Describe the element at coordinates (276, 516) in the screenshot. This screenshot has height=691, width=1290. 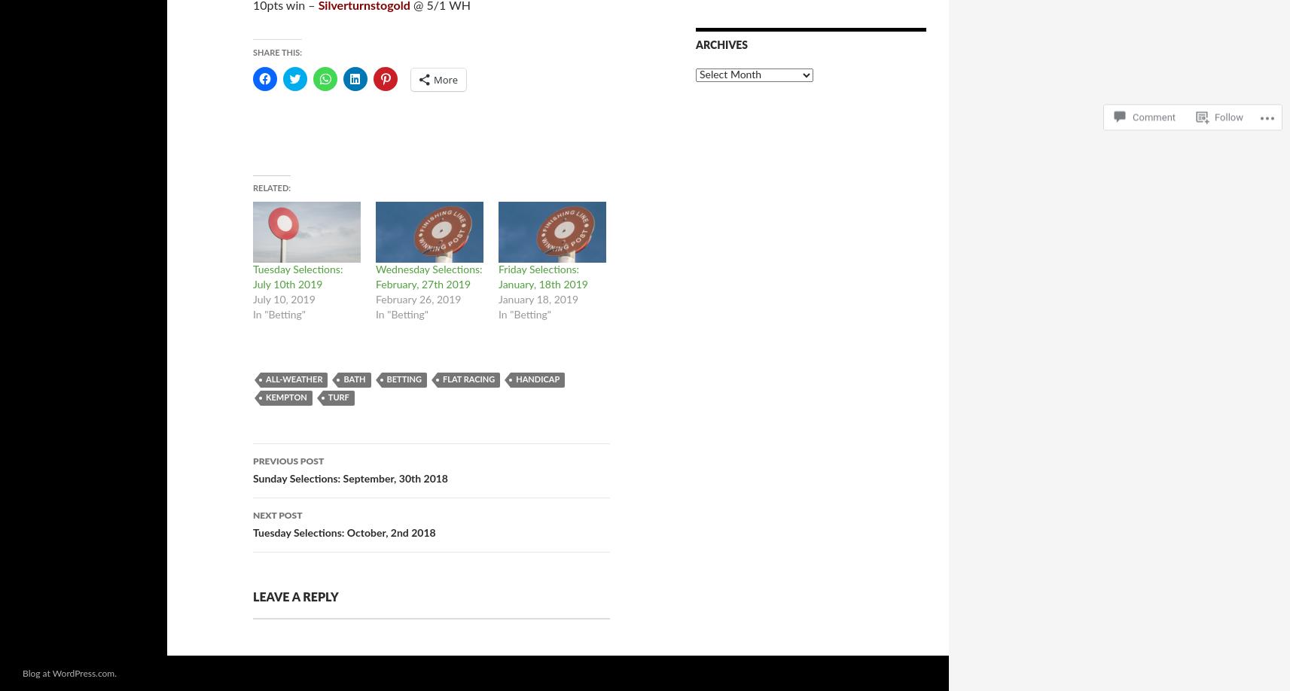
I see `'Next Post'` at that location.